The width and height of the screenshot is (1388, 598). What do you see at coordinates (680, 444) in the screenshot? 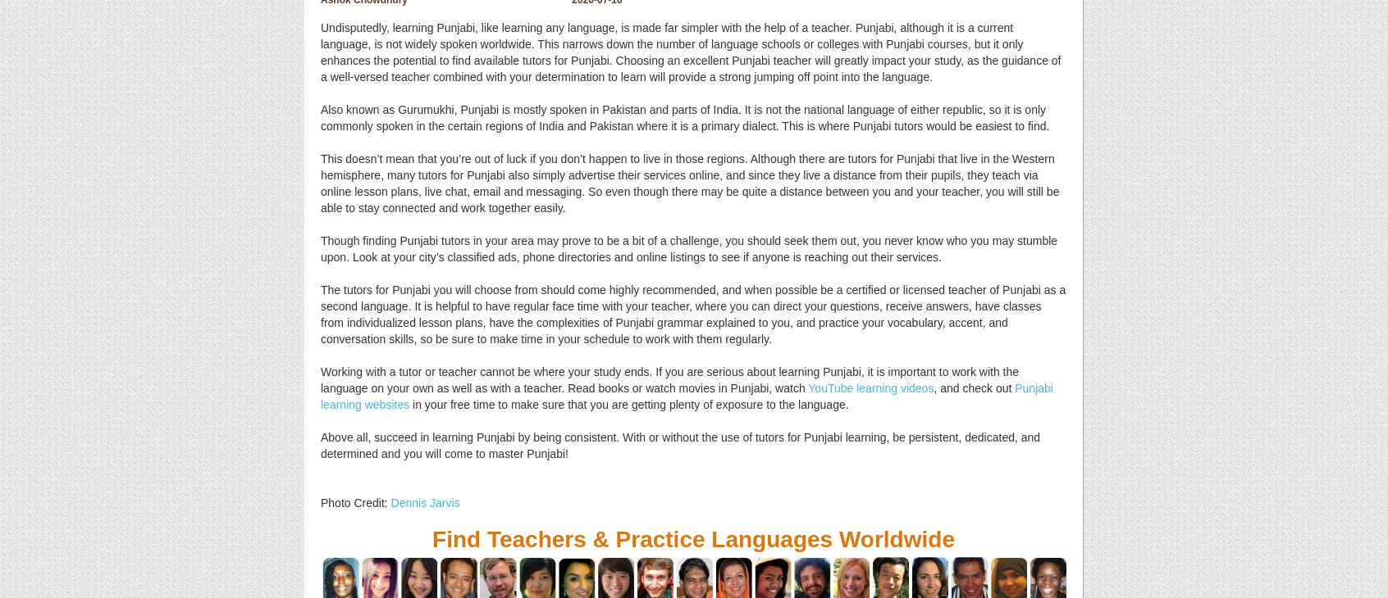
I see `'Above all, succeed in learning Punjabi by being consistent. With or without the use of tutors for Punjabi learning, be persistent, dedicated, and determined and you will come to master Punjabi!'` at bounding box center [680, 444].